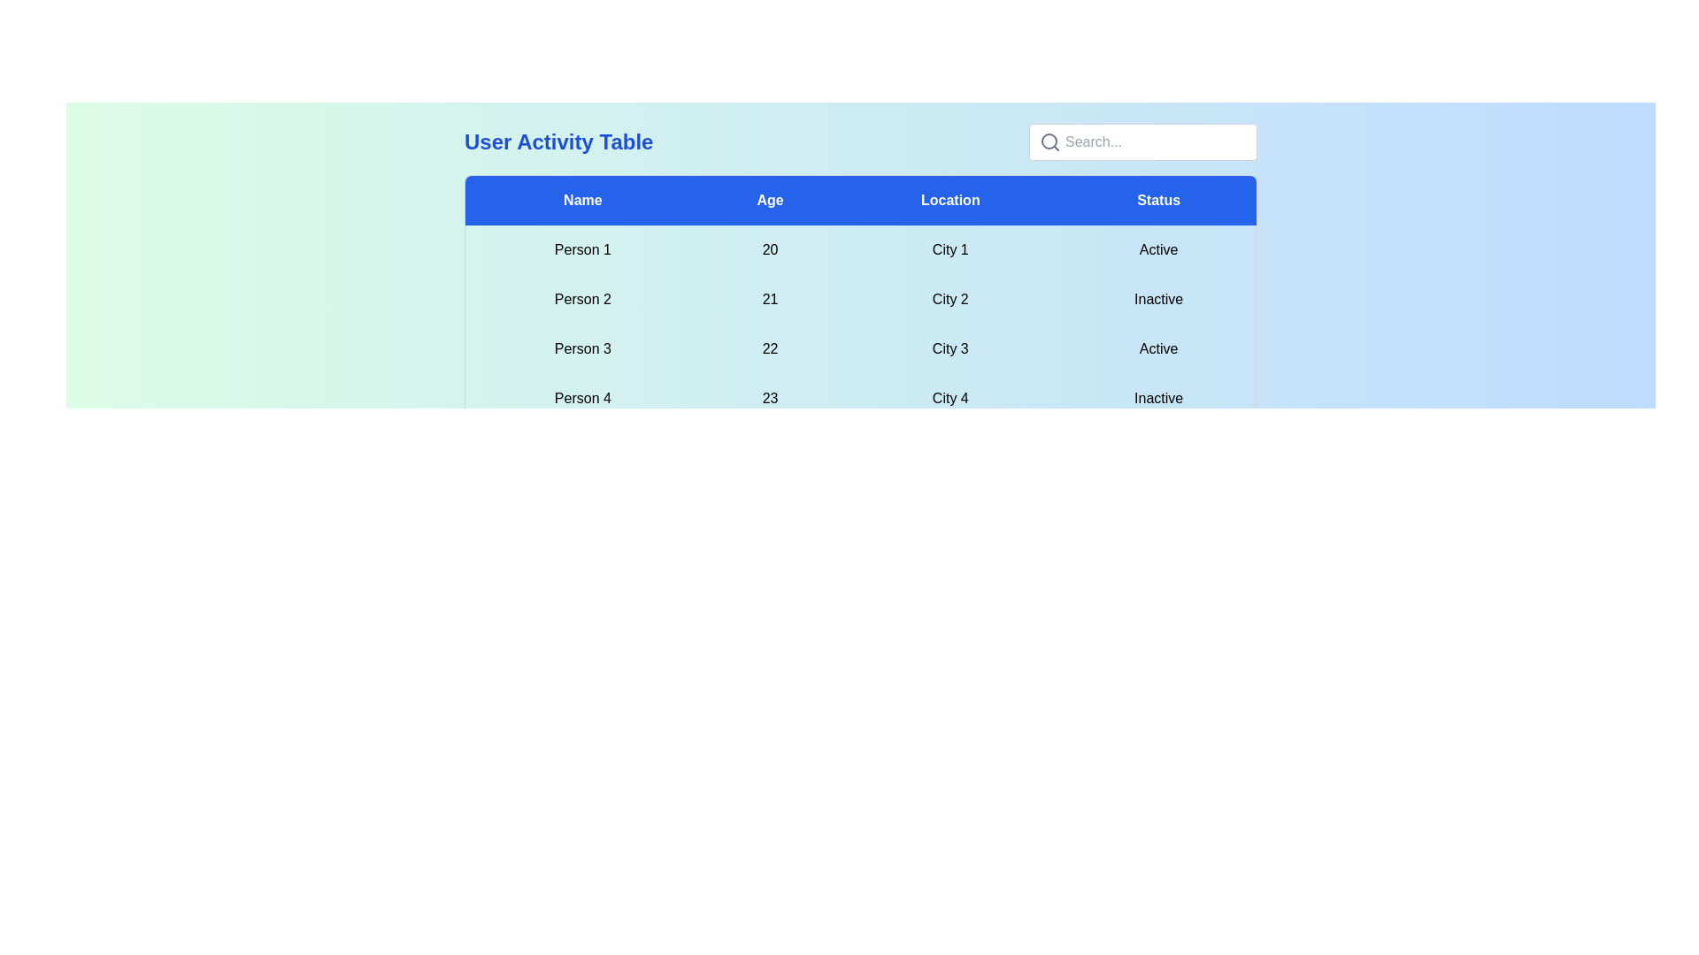  What do you see at coordinates (861, 299) in the screenshot?
I see `the row corresponding to 2` at bounding box center [861, 299].